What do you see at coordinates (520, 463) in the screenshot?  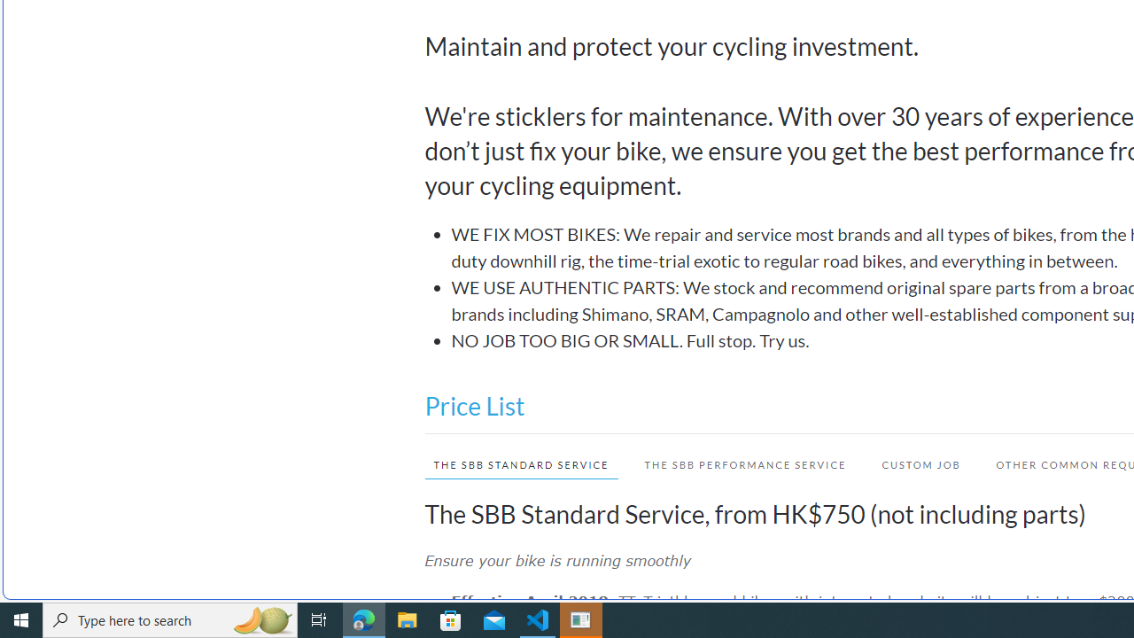 I see `'THE SBB STANDARD SERVICE'` at bounding box center [520, 463].